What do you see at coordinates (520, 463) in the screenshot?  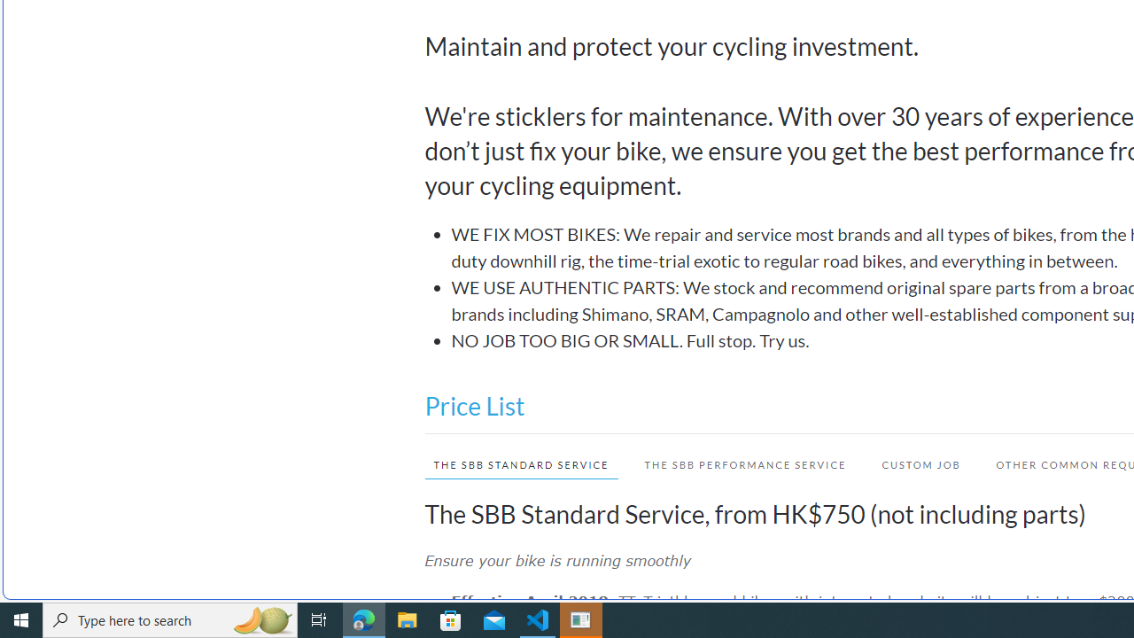 I see `'THE SBB STANDARD SERVICE'` at bounding box center [520, 463].